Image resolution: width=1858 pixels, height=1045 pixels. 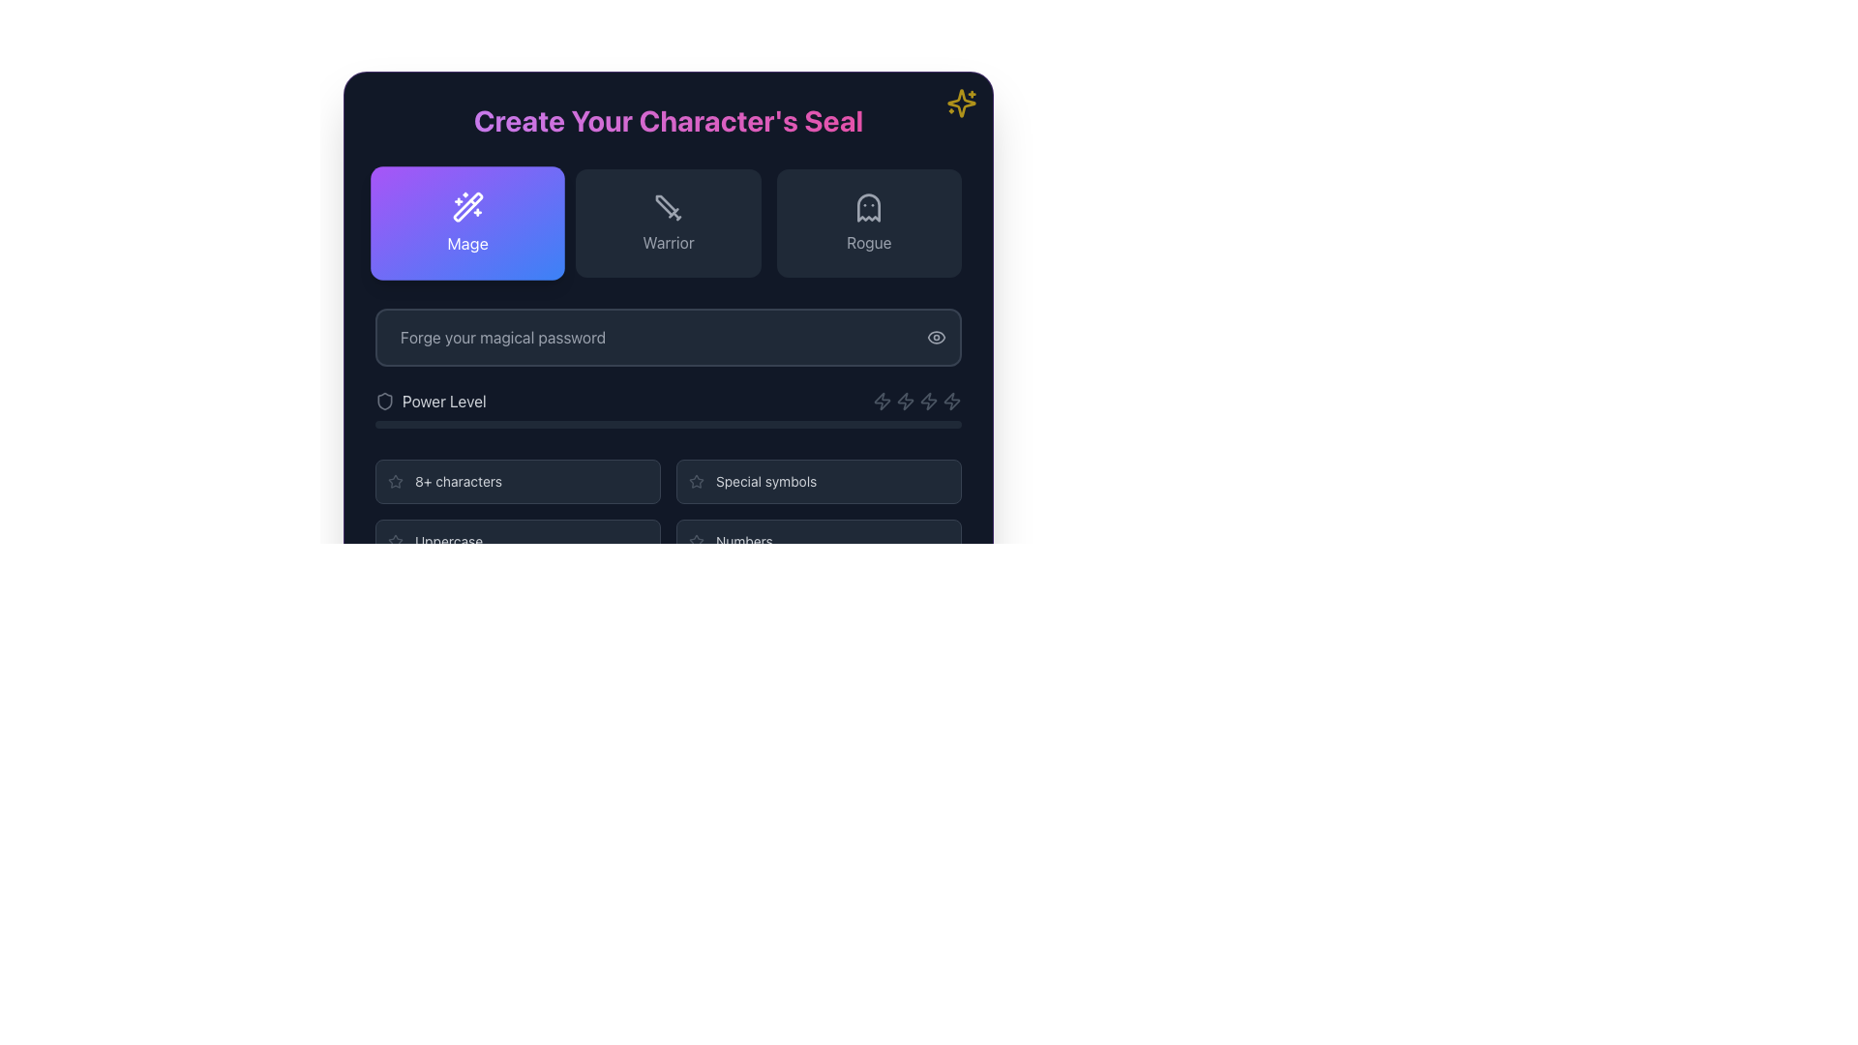 I want to click on the header text element that reads 'Create Your Character's Seal', which is styled with a gradient color scheme and located at the top of the content area, so click(x=669, y=120).